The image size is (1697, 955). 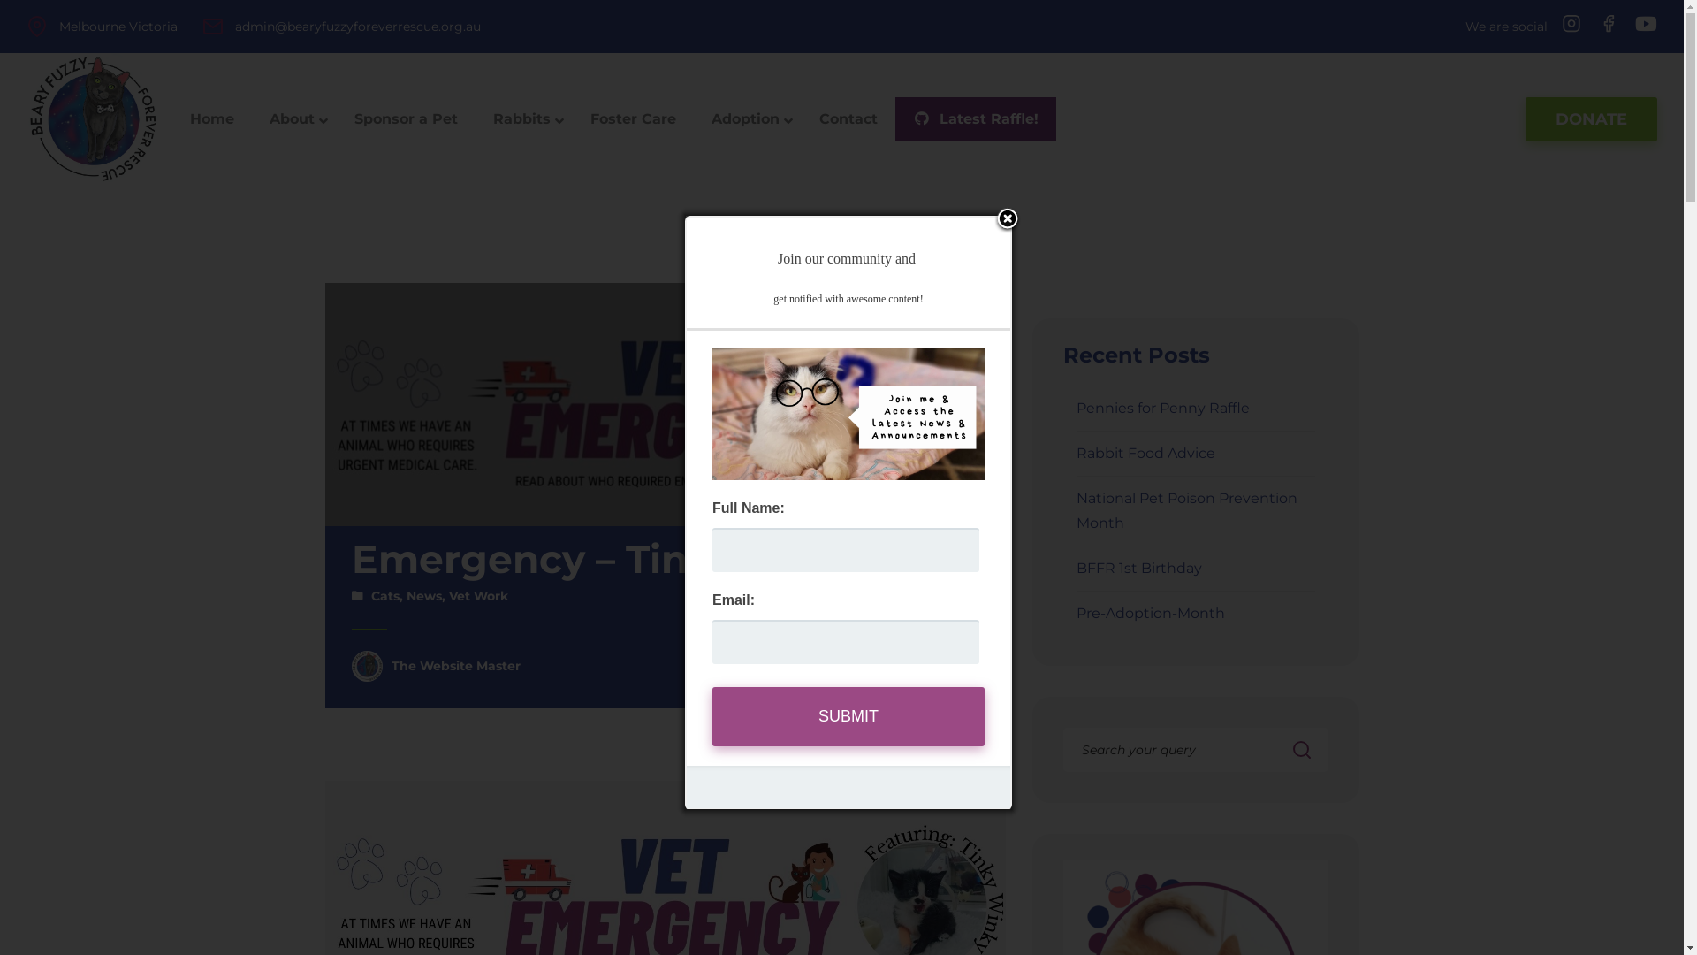 I want to click on 'Latest Raffle!', so click(x=975, y=119).